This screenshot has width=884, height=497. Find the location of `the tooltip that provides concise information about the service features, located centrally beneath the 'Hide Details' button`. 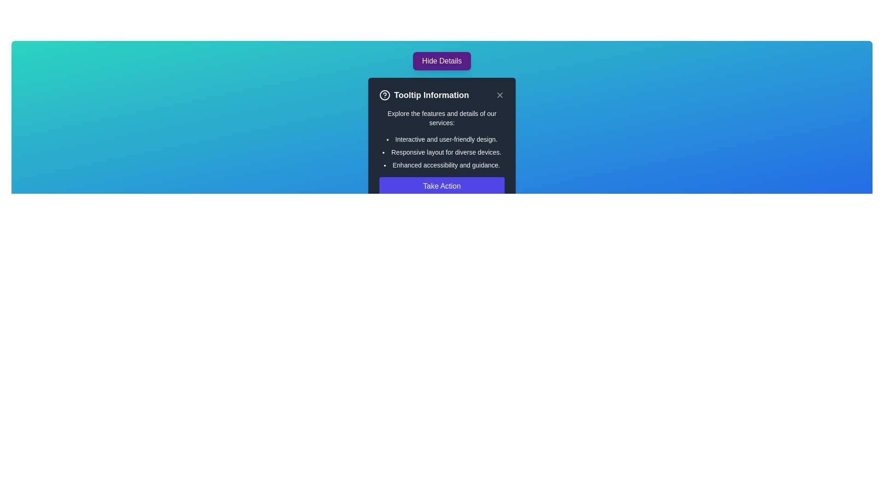

the tooltip that provides concise information about the service features, located centrally beneath the 'Hide Details' button is located at coordinates (442, 142).